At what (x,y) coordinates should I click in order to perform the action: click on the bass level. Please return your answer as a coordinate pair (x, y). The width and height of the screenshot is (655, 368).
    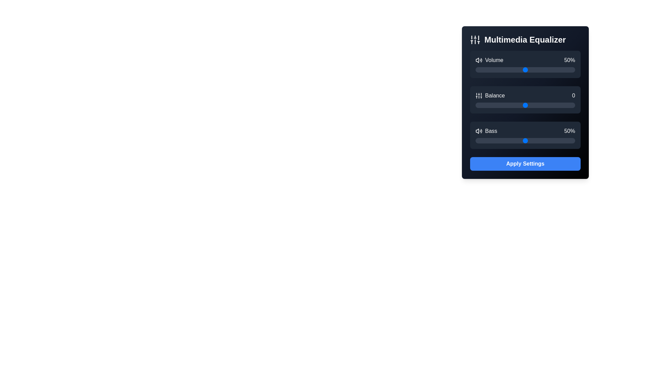
    Looking at the image, I should click on (536, 140).